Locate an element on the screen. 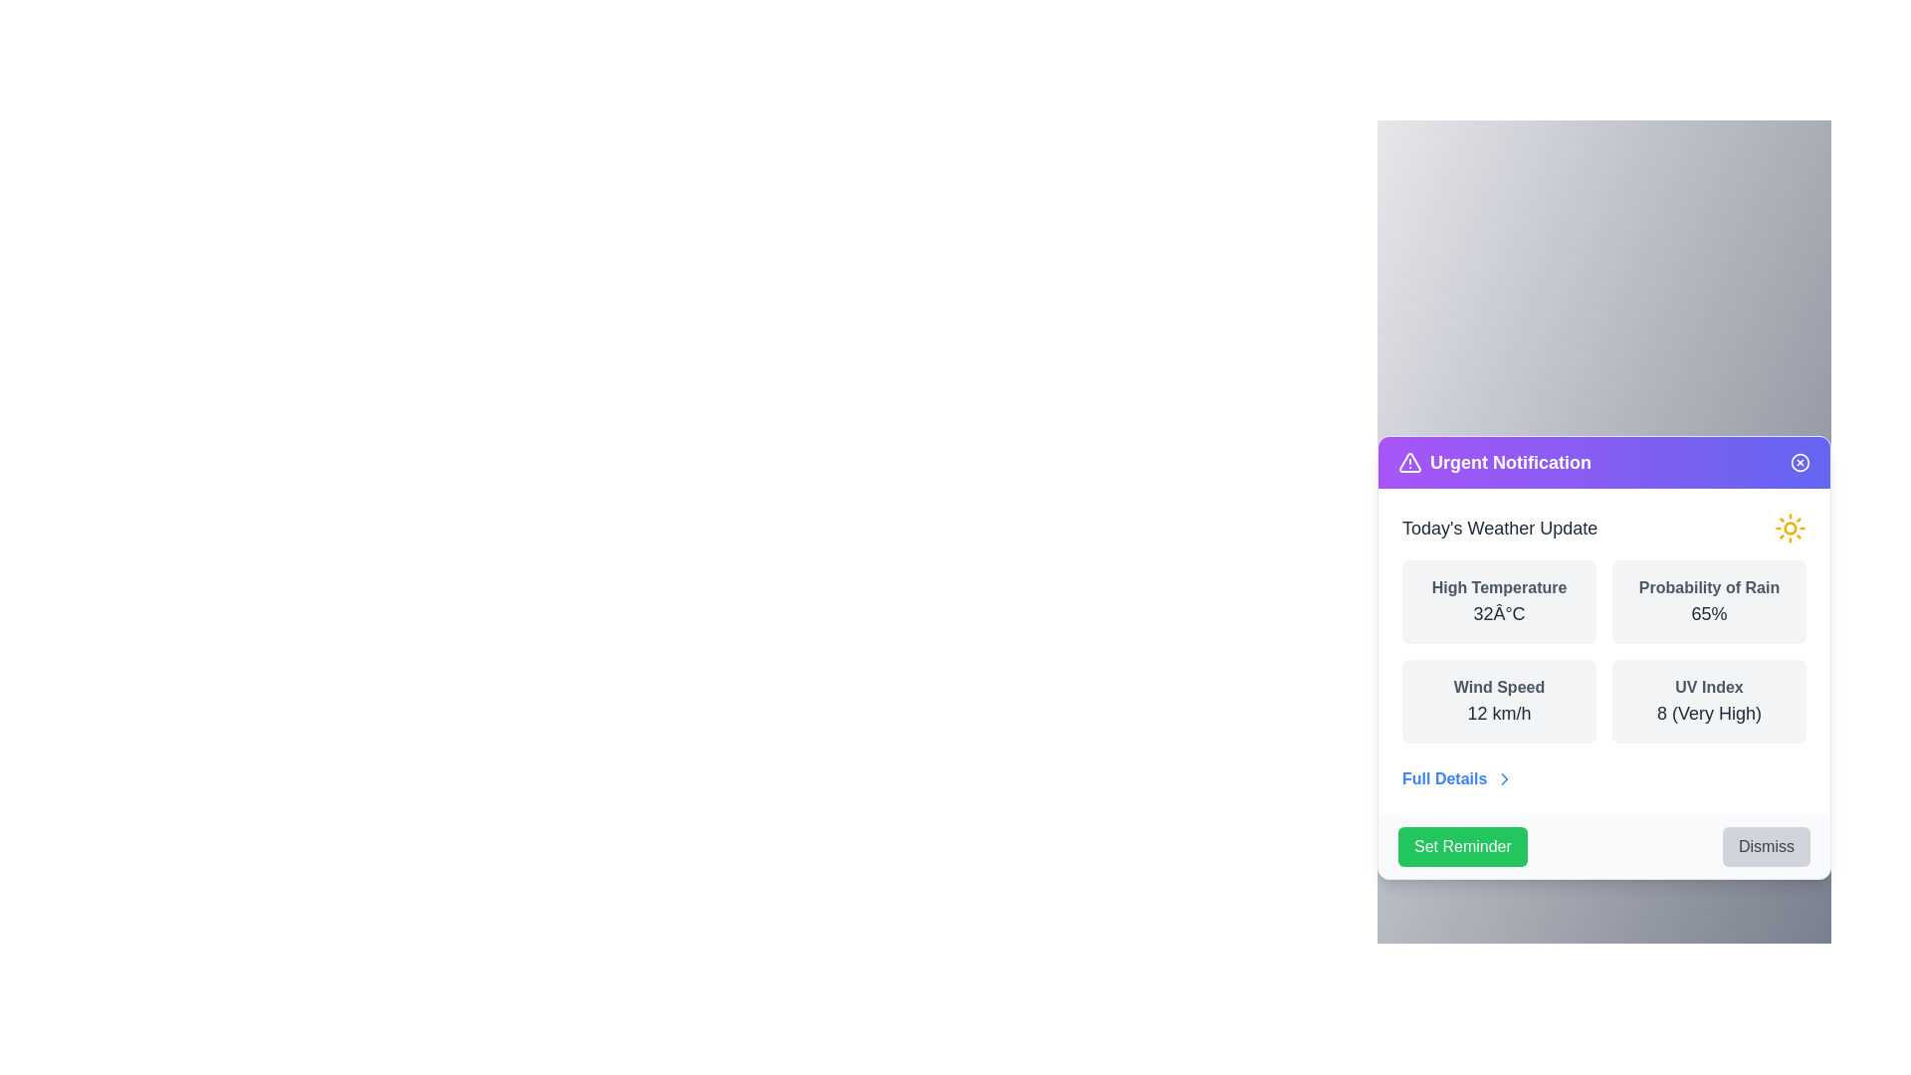 The width and height of the screenshot is (1911, 1075). the Text Label that indicates the probability of rain, positioned at the top of the light gray rounded rectangle in the upper-right portion of the notification card is located at coordinates (1708, 586).